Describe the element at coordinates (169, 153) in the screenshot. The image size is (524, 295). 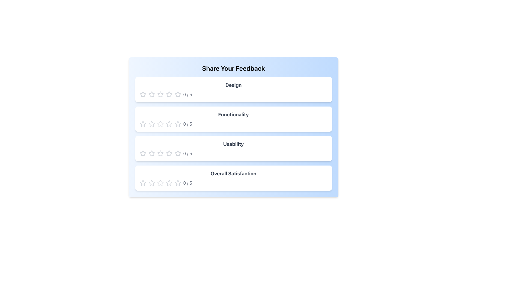
I see `the third hollow star icon in the usability rating interface to rate usability` at that location.